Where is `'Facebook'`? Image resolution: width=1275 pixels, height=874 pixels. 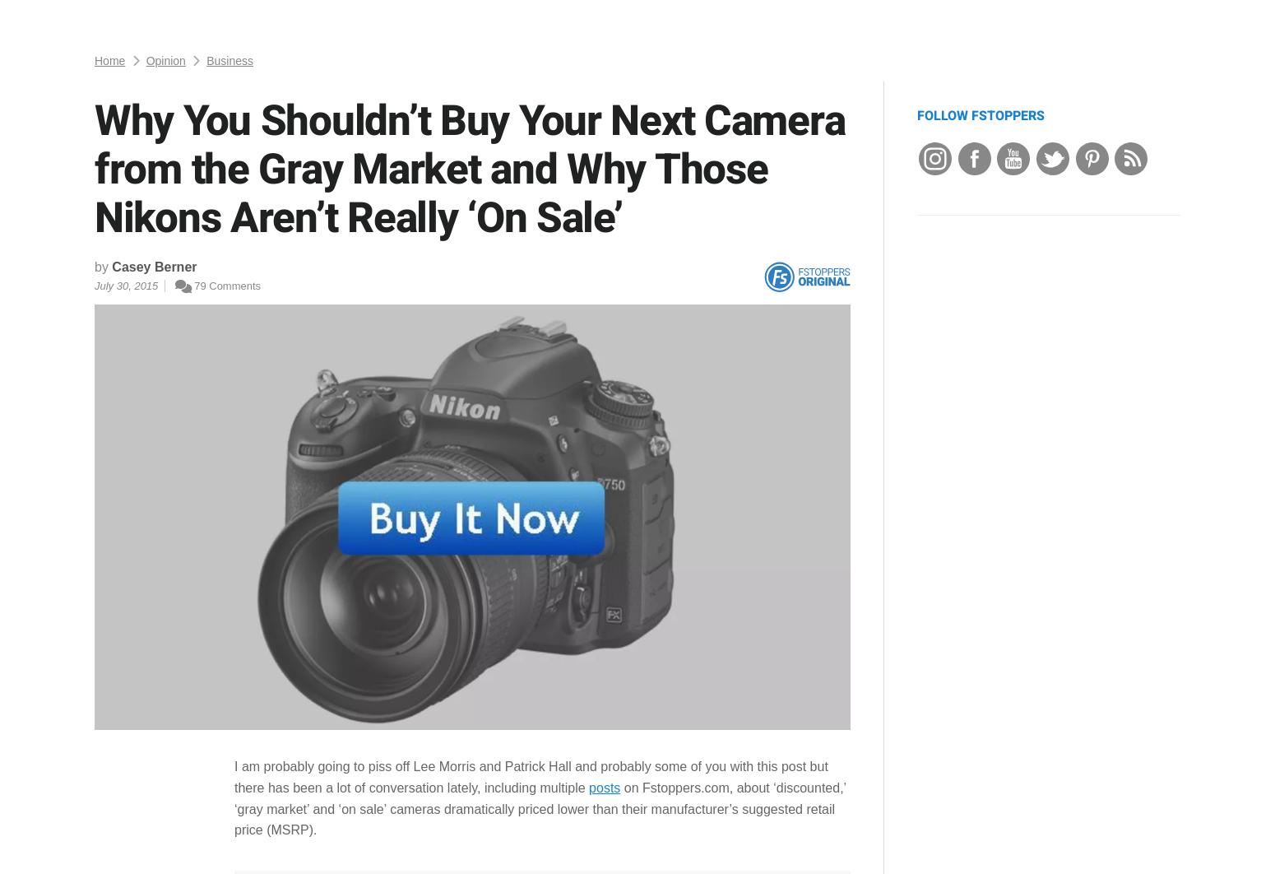
'Facebook' is located at coordinates (151, 82).